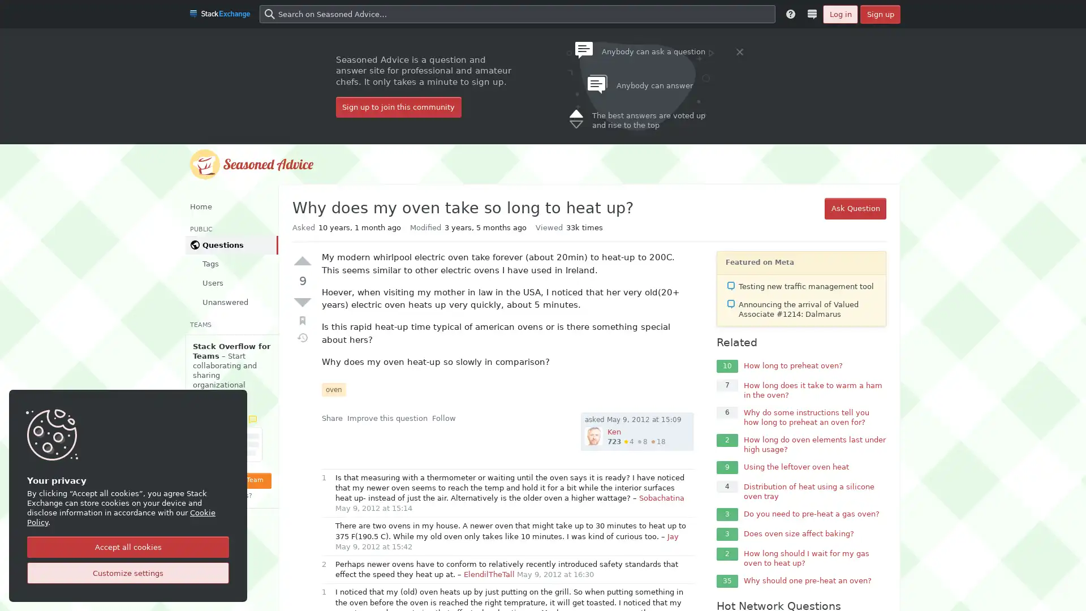  I want to click on Customize settings, so click(128, 573).